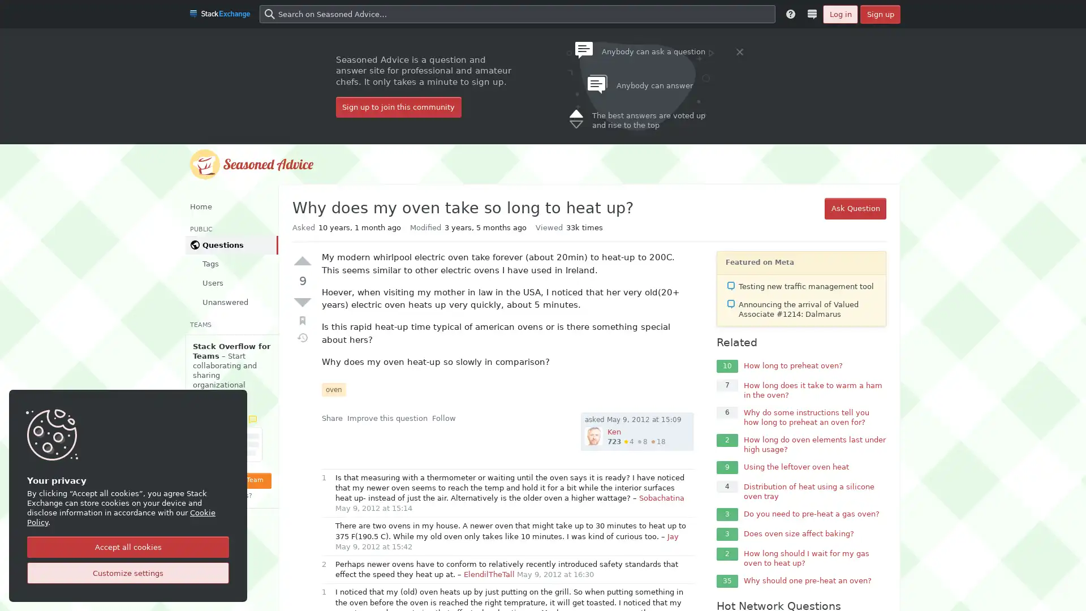  I want to click on Customize settings, so click(128, 573).